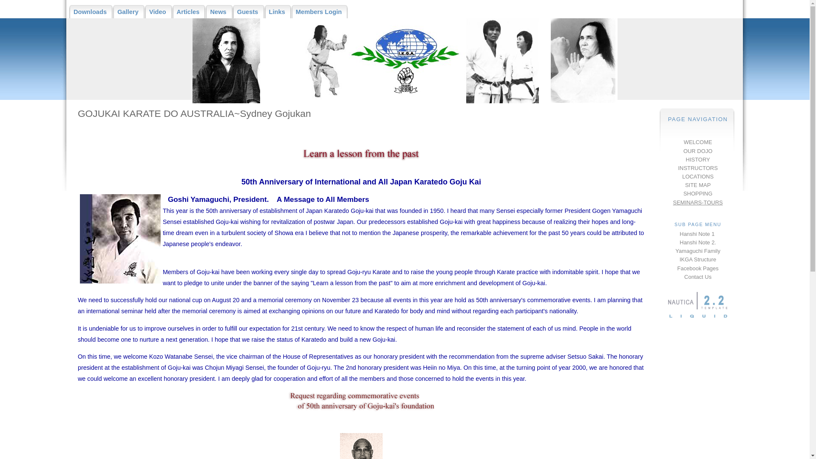  I want to click on 'Facebook Pages', so click(698, 268).